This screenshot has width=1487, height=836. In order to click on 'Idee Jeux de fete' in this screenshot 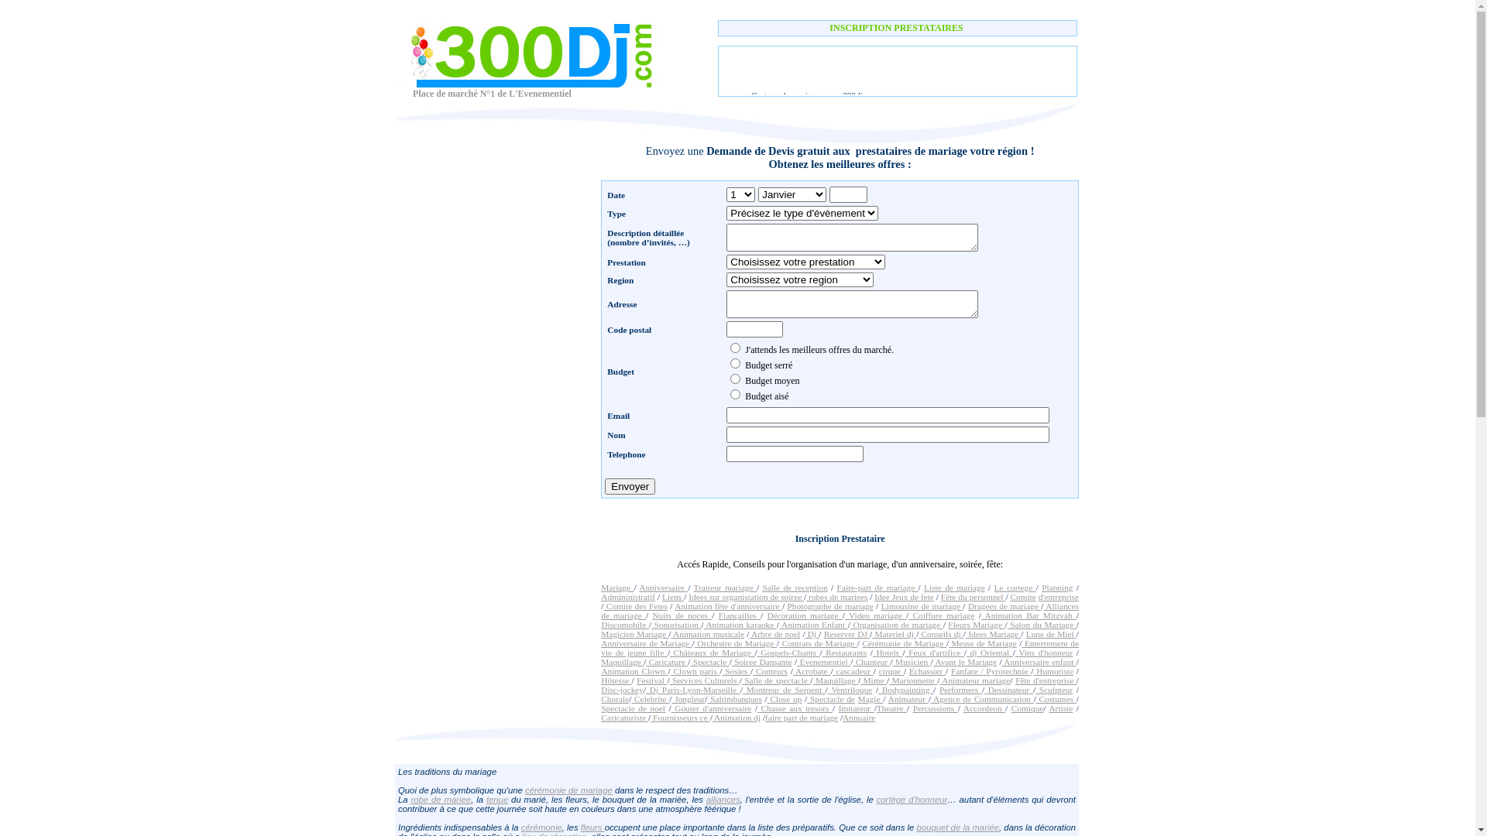, I will do `click(904, 596)`.